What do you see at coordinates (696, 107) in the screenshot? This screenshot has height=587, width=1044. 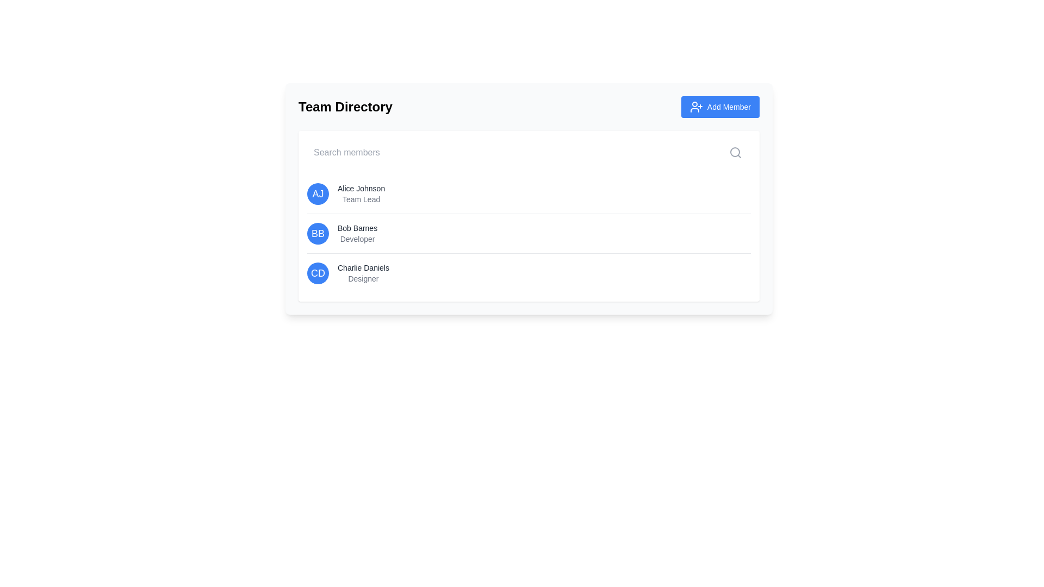 I see `the user icon with a plus sign next to the 'Add Member' text` at bounding box center [696, 107].